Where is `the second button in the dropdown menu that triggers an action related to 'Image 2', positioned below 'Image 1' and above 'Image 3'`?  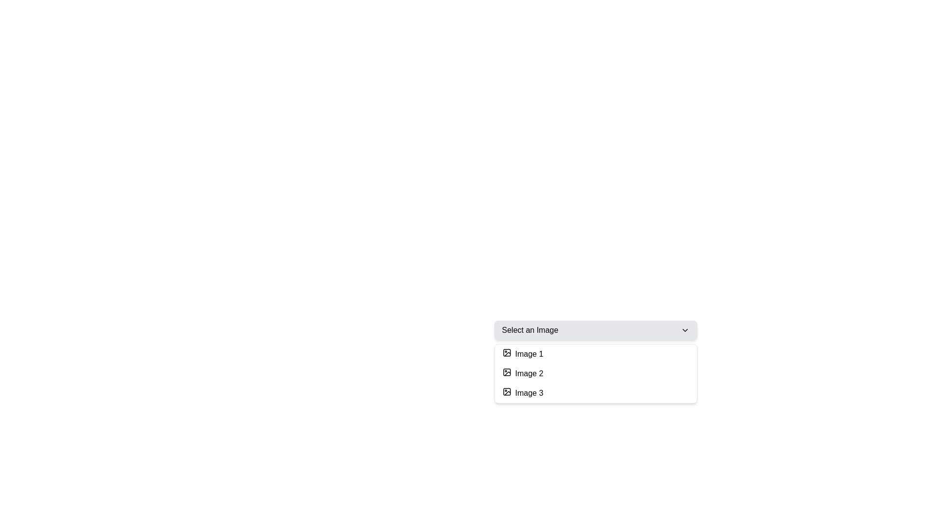 the second button in the dropdown menu that triggers an action related to 'Image 2', positioned below 'Image 1' and above 'Image 3' is located at coordinates (595, 373).